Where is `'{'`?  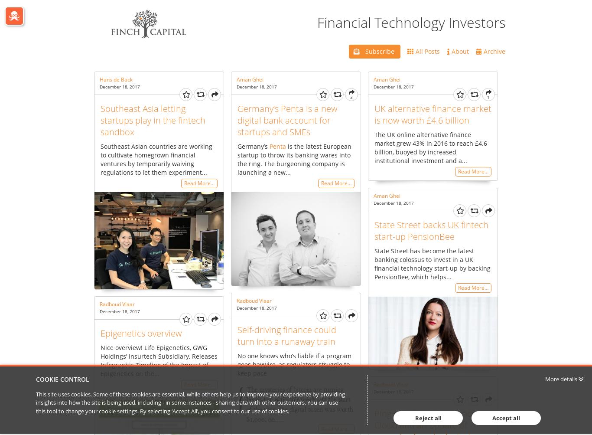 '{' is located at coordinates (241, 397).